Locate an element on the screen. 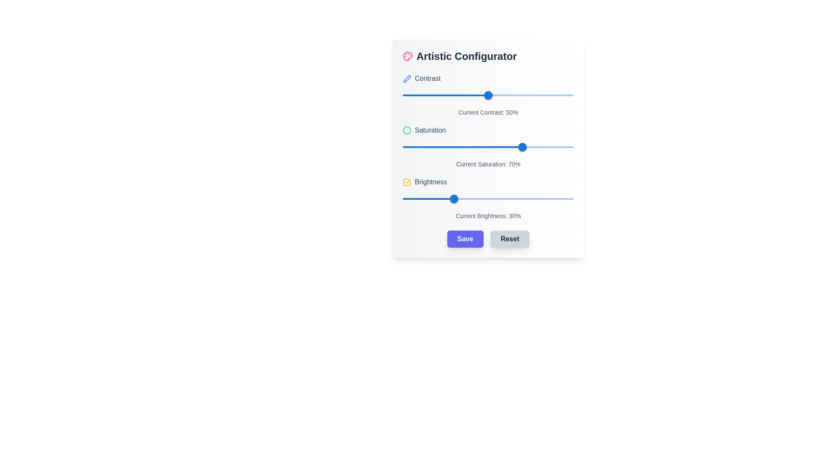 The width and height of the screenshot is (821, 462). contrast is located at coordinates (472, 95).